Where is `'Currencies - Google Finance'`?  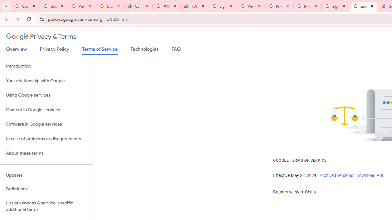 'Currencies - Google Finance' is located at coordinates (138, 6).